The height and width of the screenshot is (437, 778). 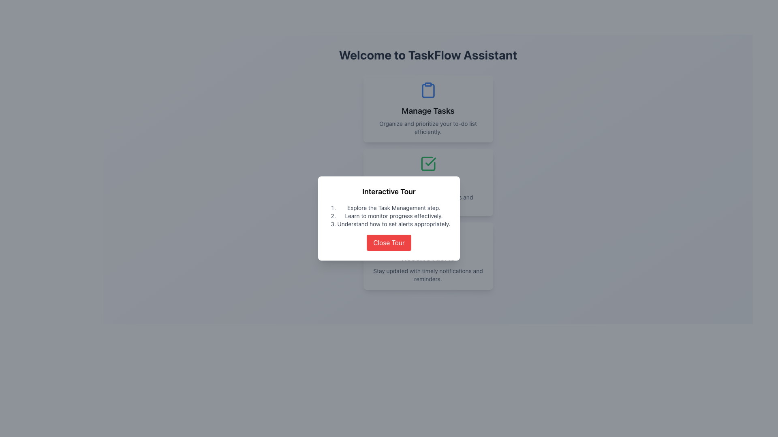 I want to click on the text element that reads 'Understand how to set alerts appropriately.' within the modal labeled 'Interactive Tour', so click(x=393, y=224).